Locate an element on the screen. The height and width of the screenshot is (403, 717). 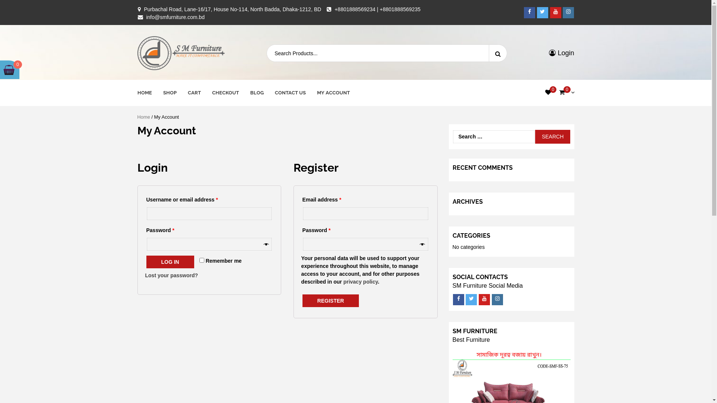
'CHECKOUT' is located at coordinates (211, 93).